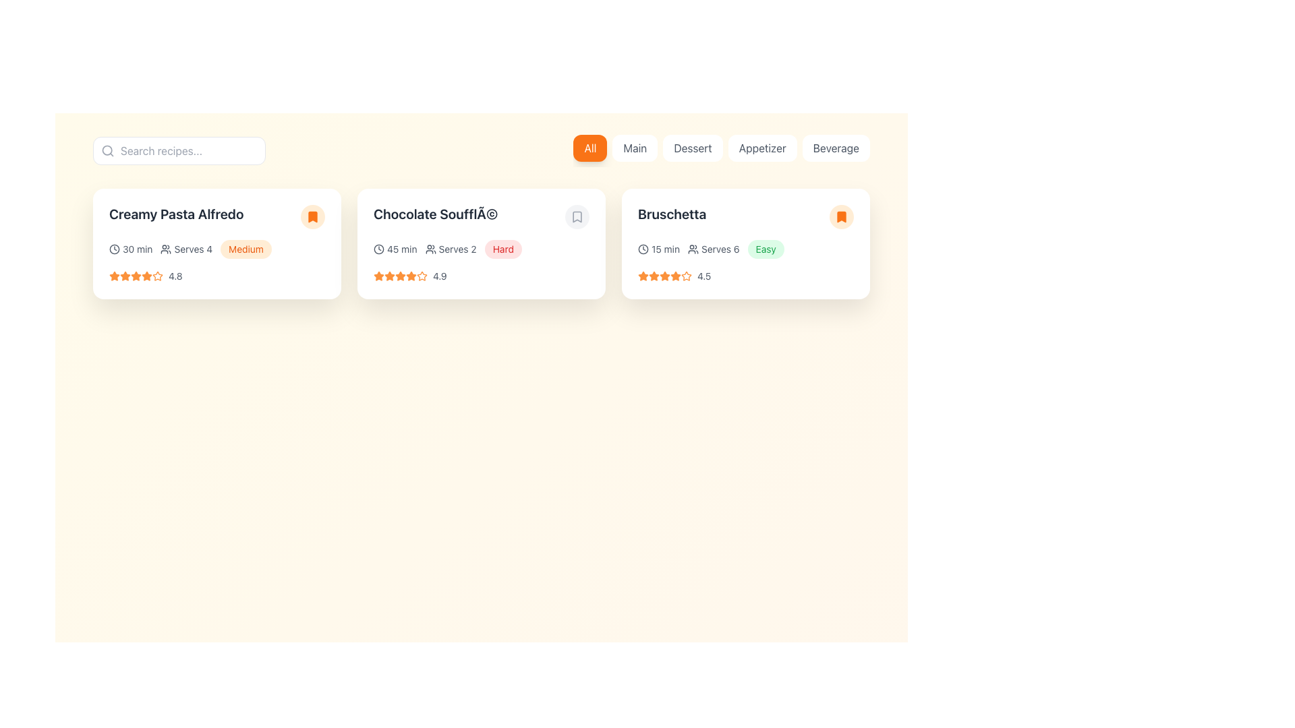 The height and width of the screenshot is (728, 1295). Describe the element at coordinates (125, 275) in the screenshot. I see `the third star icon in the five-star rating system located beneath the 'Creamy Pasta Alfredo' card` at that location.